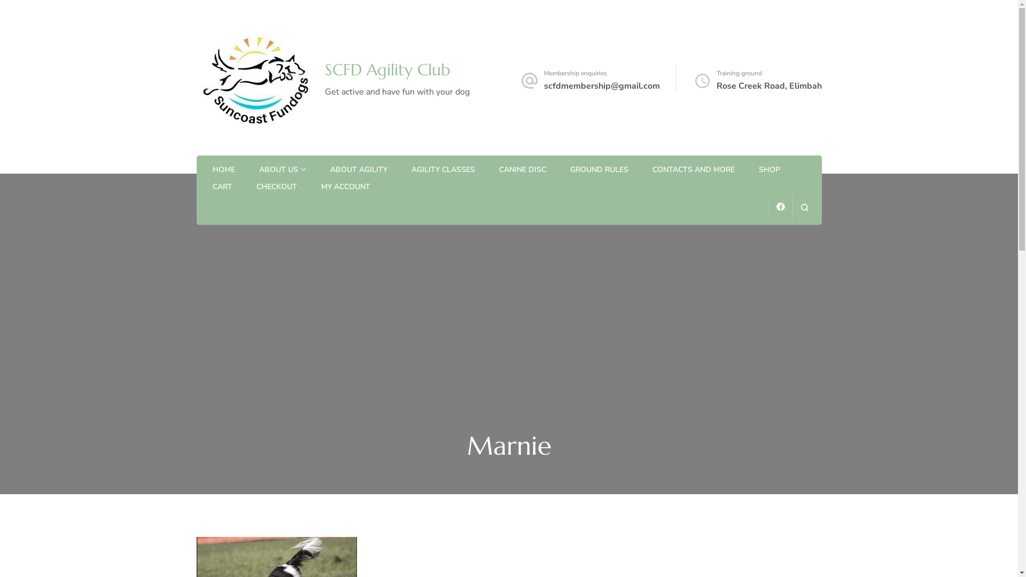  What do you see at coordinates (345, 187) in the screenshot?
I see `'MY ACCOUNT'` at bounding box center [345, 187].